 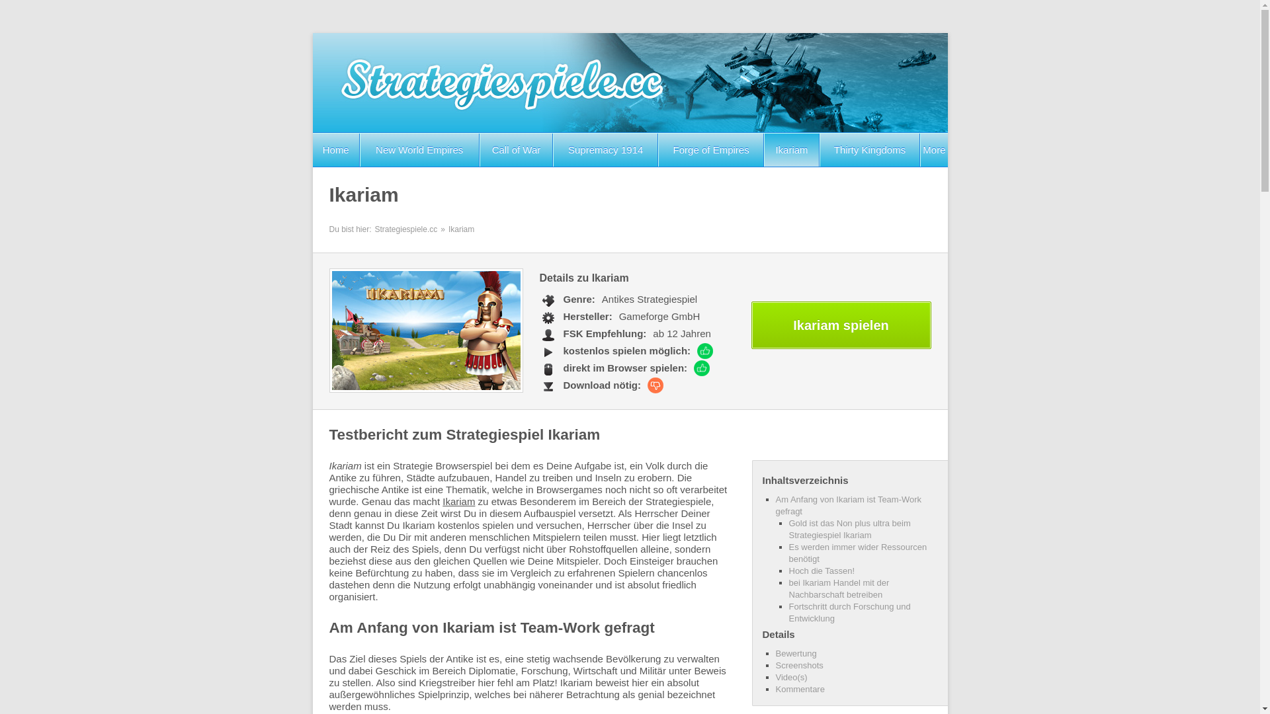 I want to click on 'bei Ikariam Handel mit der Nachbarschaft betreiben', so click(x=788, y=588).